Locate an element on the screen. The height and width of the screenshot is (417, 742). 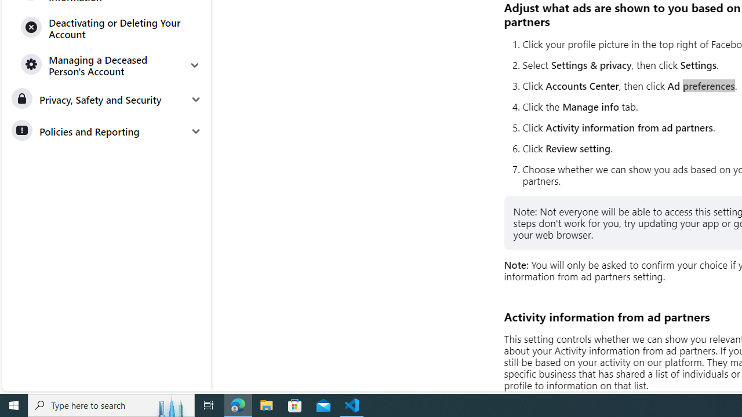
'Privacy, Safety and Security' is located at coordinates (106, 98).